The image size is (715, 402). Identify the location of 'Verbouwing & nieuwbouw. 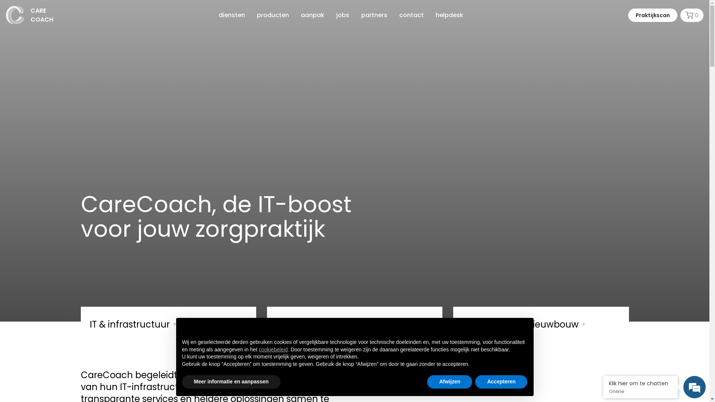
(541, 322).